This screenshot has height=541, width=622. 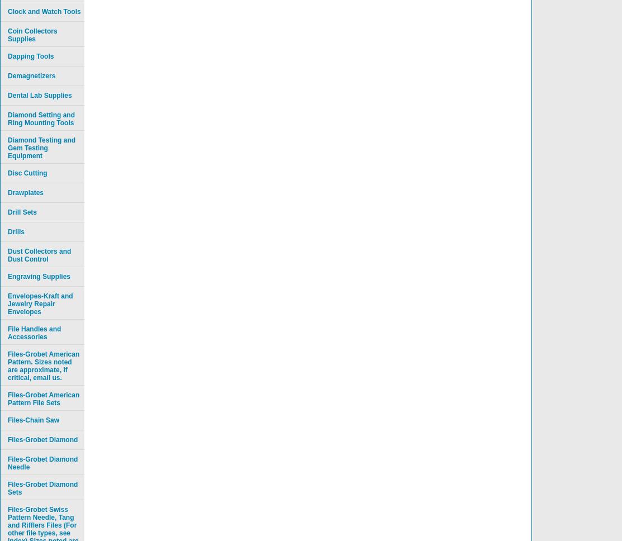 What do you see at coordinates (39, 277) in the screenshot?
I see `'Engraving Supplies'` at bounding box center [39, 277].